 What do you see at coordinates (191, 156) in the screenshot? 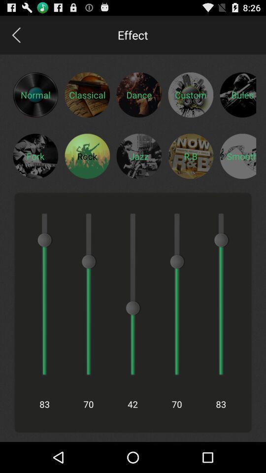
I see `r.b` at bounding box center [191, 156].